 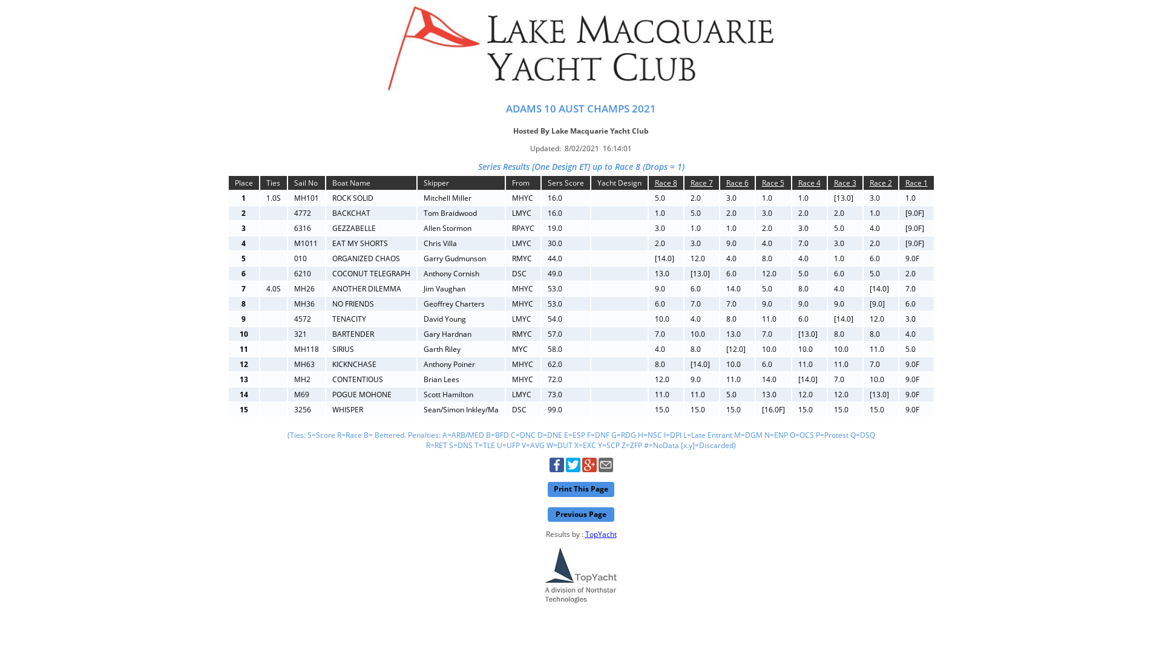 I want to click on 'Race 4', so click(x=809, y=183).